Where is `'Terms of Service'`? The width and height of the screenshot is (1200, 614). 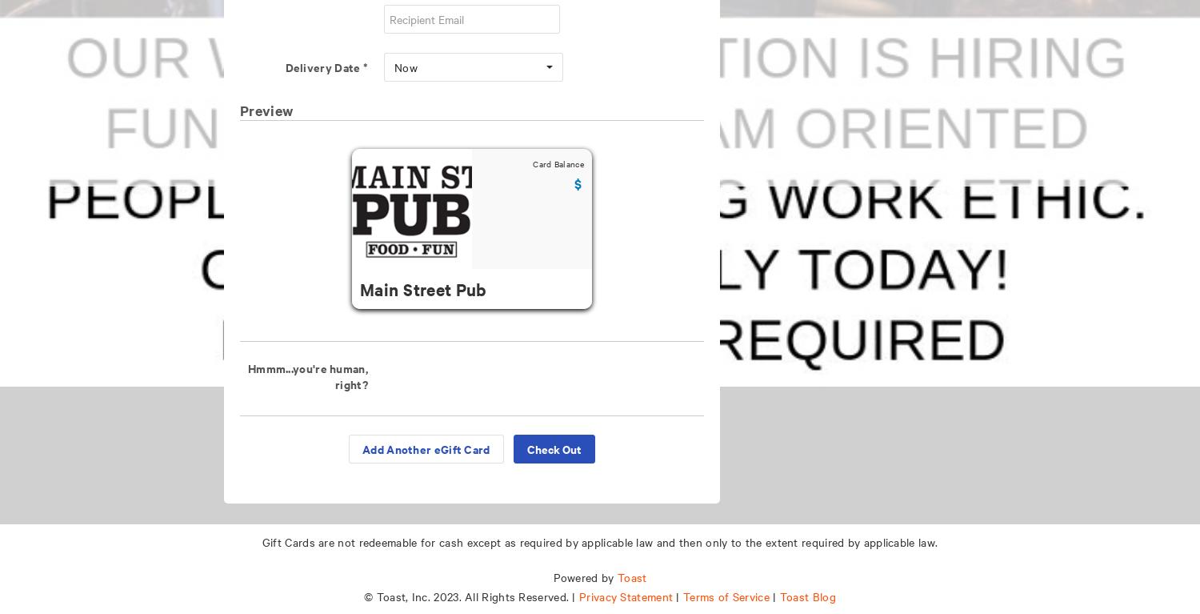 'Terms of Service' is located at coordinates (726, 596).